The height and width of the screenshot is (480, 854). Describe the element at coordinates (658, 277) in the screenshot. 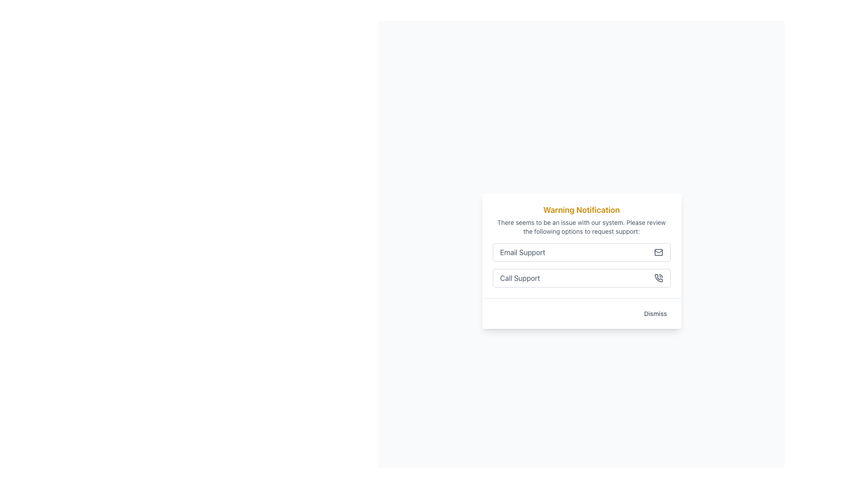

I see `the 'Call Support' icon, which visually indicates the function of initiating a phone call for support` at that location.